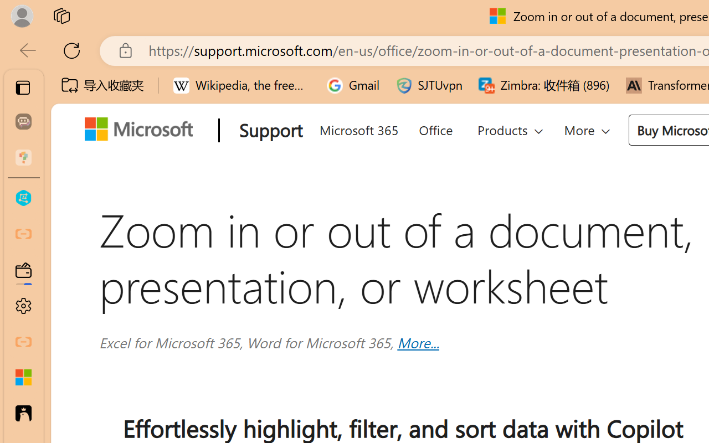 Image resolution: width=709 pixels, height=443 pixels. I want to click on 'Wikipedia, the free encyclopedia', so click(242, 85).